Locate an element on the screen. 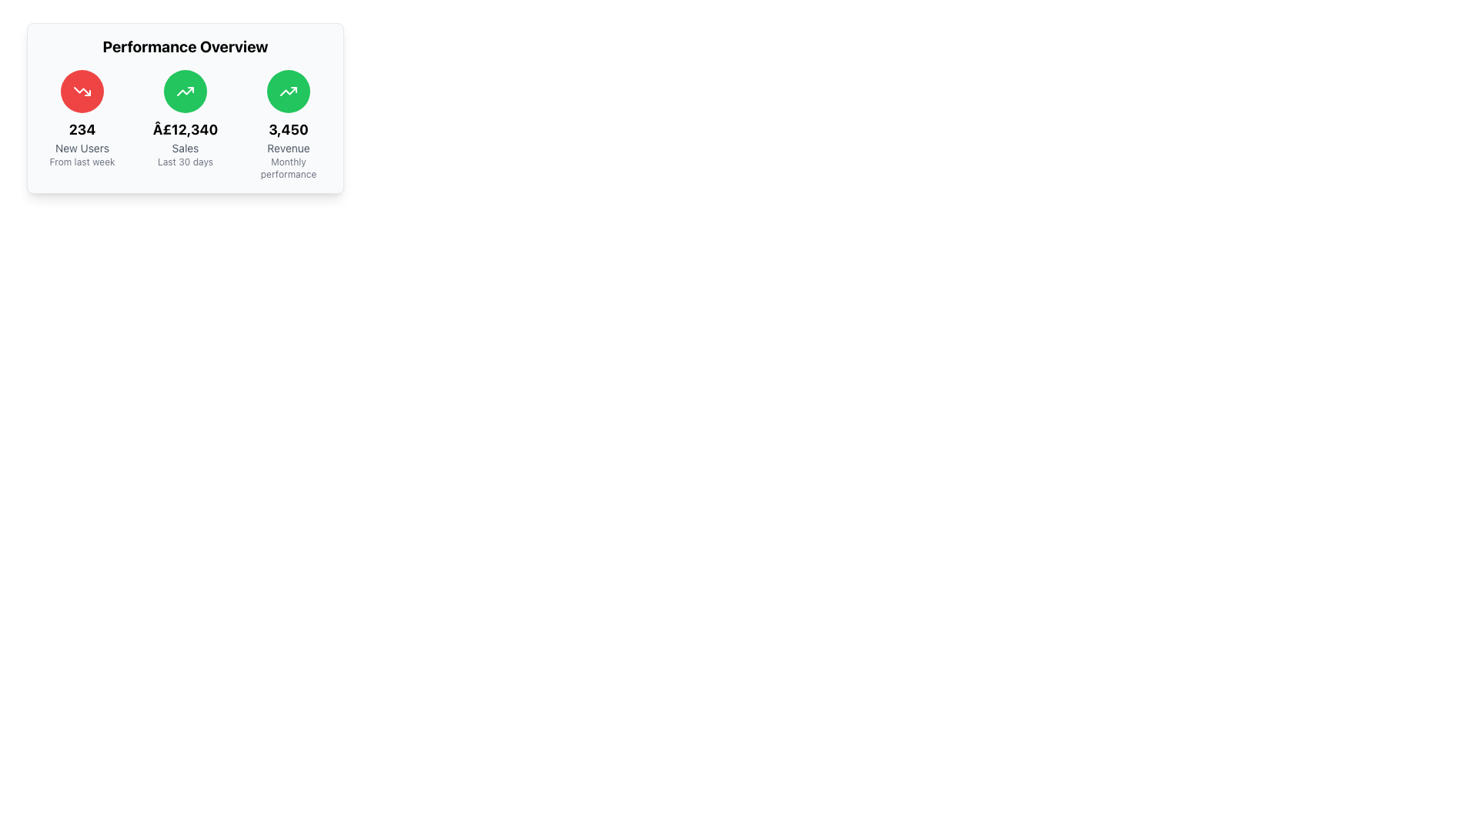 The height and width of the screenshot is (831, 1478). the upward trending vector graphic in the 'Performance Overview' section that represents 'Sales Last 30 days' is located at coordinates (288, 92).